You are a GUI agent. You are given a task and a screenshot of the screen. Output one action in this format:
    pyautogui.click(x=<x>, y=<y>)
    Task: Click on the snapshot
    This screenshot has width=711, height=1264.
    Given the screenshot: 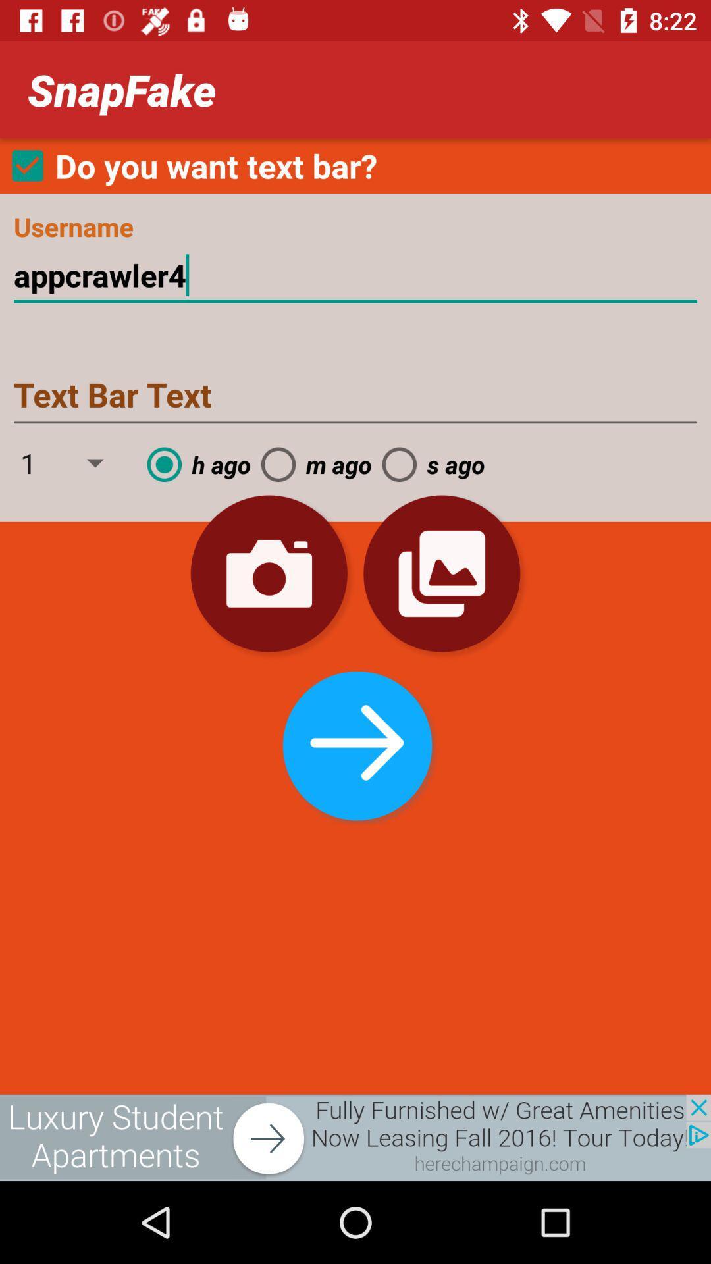 What is the action you would take?
    pyautogui.click(x=268, y=573)
    